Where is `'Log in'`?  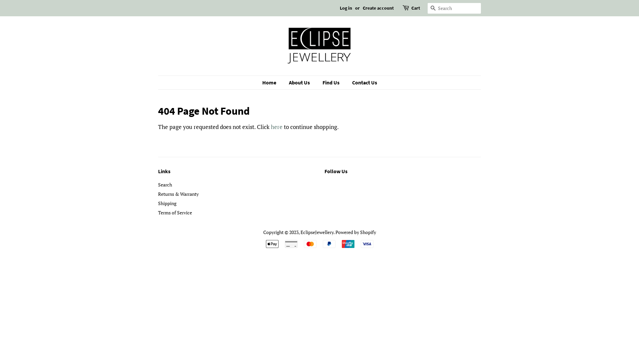 'Log in' is located at coordinates (346, 8).